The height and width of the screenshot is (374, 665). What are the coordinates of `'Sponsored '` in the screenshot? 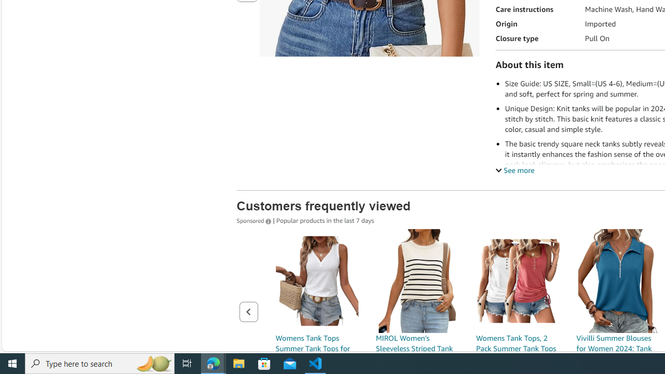 It's located at (255, 219).